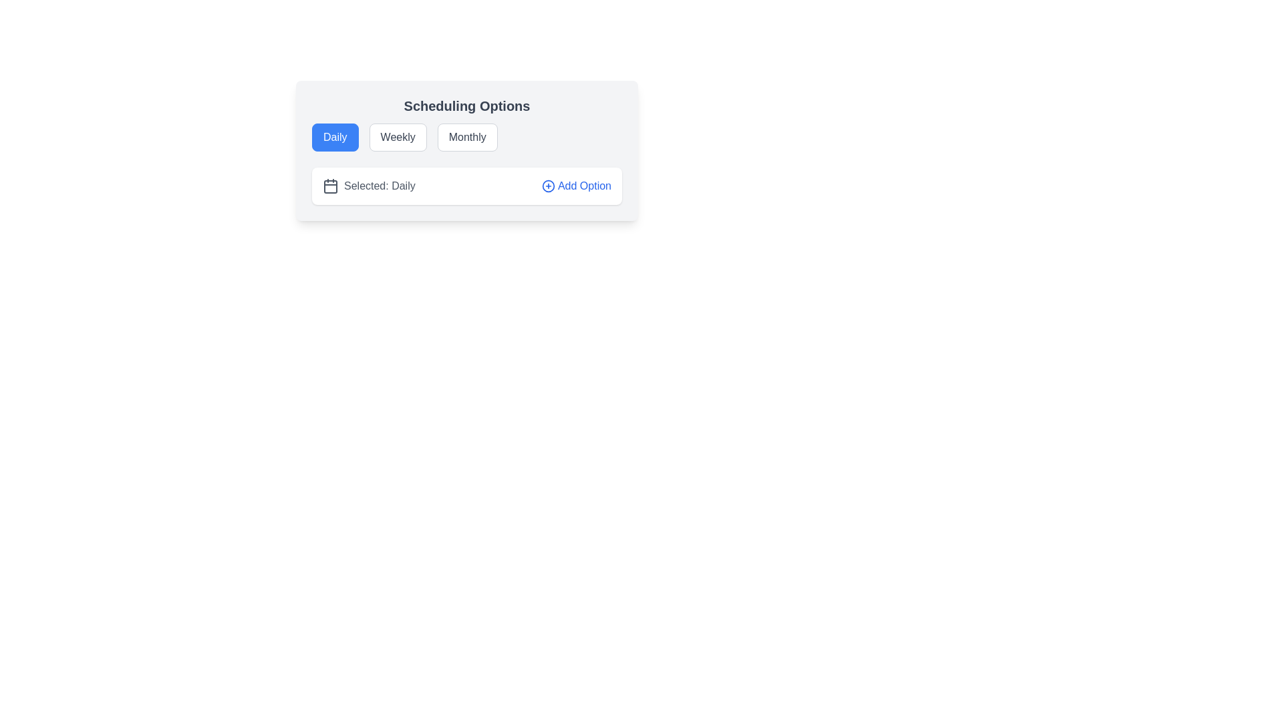  Describe the element at coordinates (467, 105) in the screenshot. I see `the text header displaying 'Scheduling Options' at the top of the card-like component with a soft gray background` at that location.